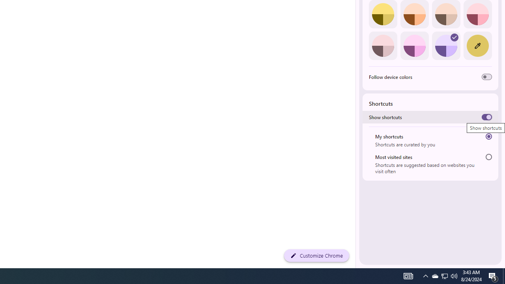  Describe the element at coordinates (446, 14) in the screenshot. I see `'Apricot'` at that location.